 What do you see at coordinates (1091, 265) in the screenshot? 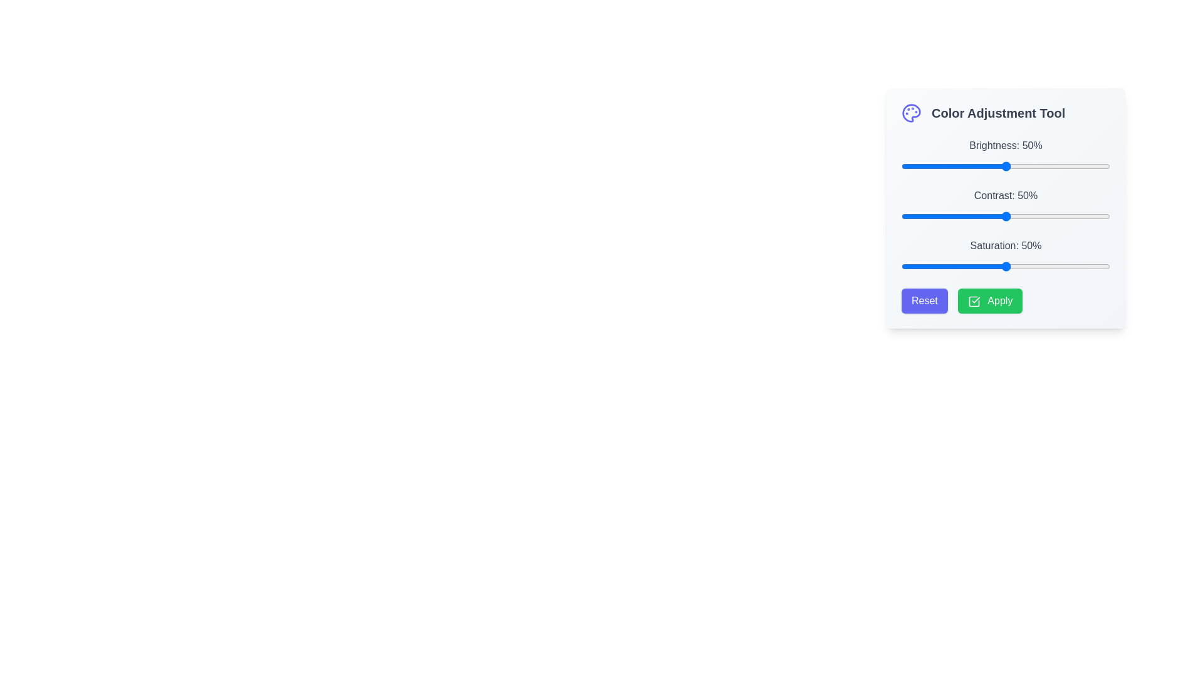
I see `the slider` at bounding box center [1091, 265].